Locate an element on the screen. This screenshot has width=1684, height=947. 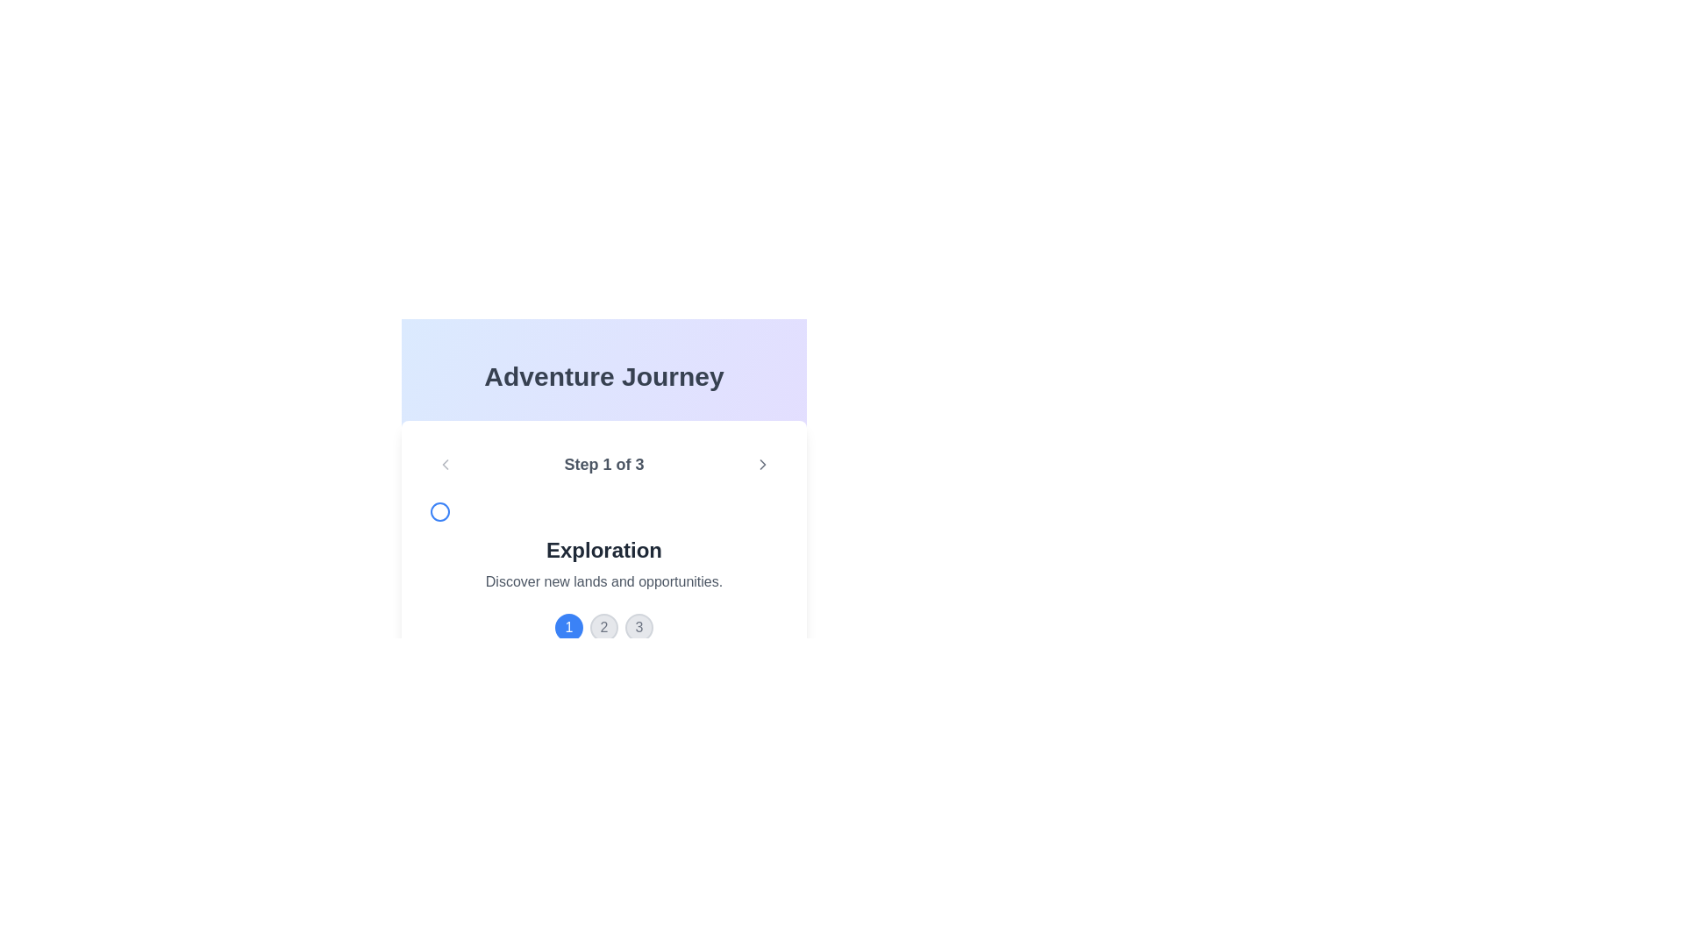
the first button in the sequence of three buttons located below the 'Exploration' header is located at coordinates (568, 627).